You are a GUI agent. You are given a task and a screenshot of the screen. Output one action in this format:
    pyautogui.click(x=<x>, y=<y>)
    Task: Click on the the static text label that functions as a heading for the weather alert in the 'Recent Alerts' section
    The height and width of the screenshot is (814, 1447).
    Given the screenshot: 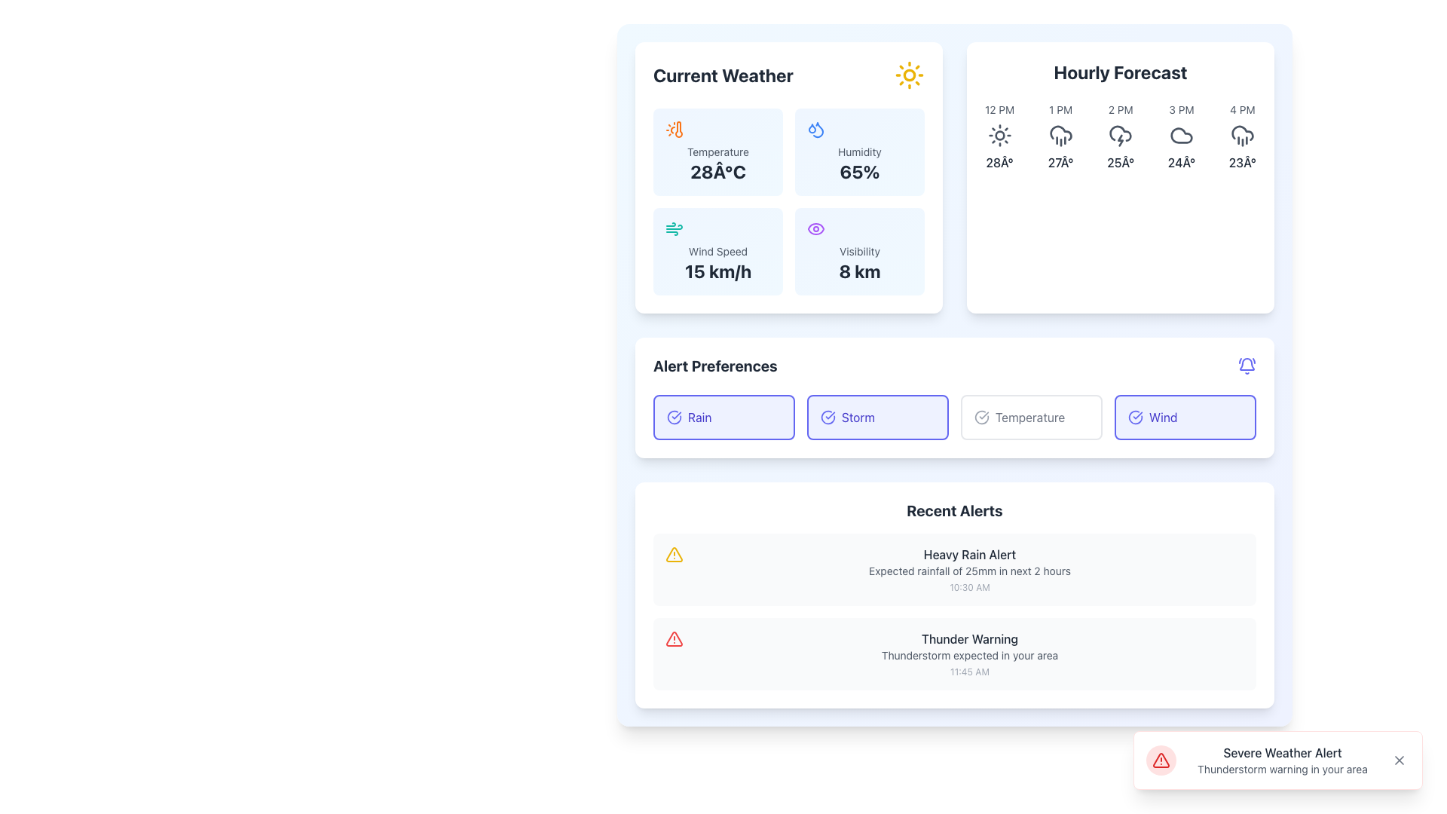 What is the action you would take?
    pyautogui.click(x=969, y=555)
    